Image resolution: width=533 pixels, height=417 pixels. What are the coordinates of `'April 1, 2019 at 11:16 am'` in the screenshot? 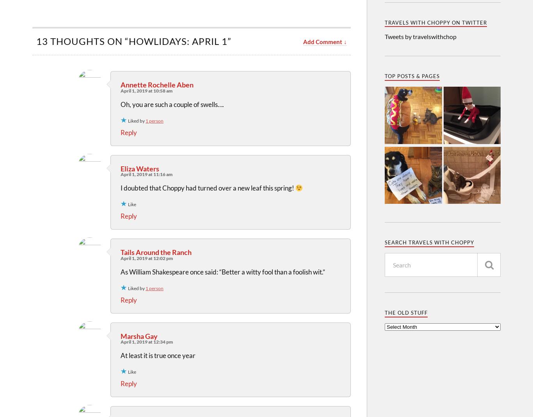 It's located at (146, 174).